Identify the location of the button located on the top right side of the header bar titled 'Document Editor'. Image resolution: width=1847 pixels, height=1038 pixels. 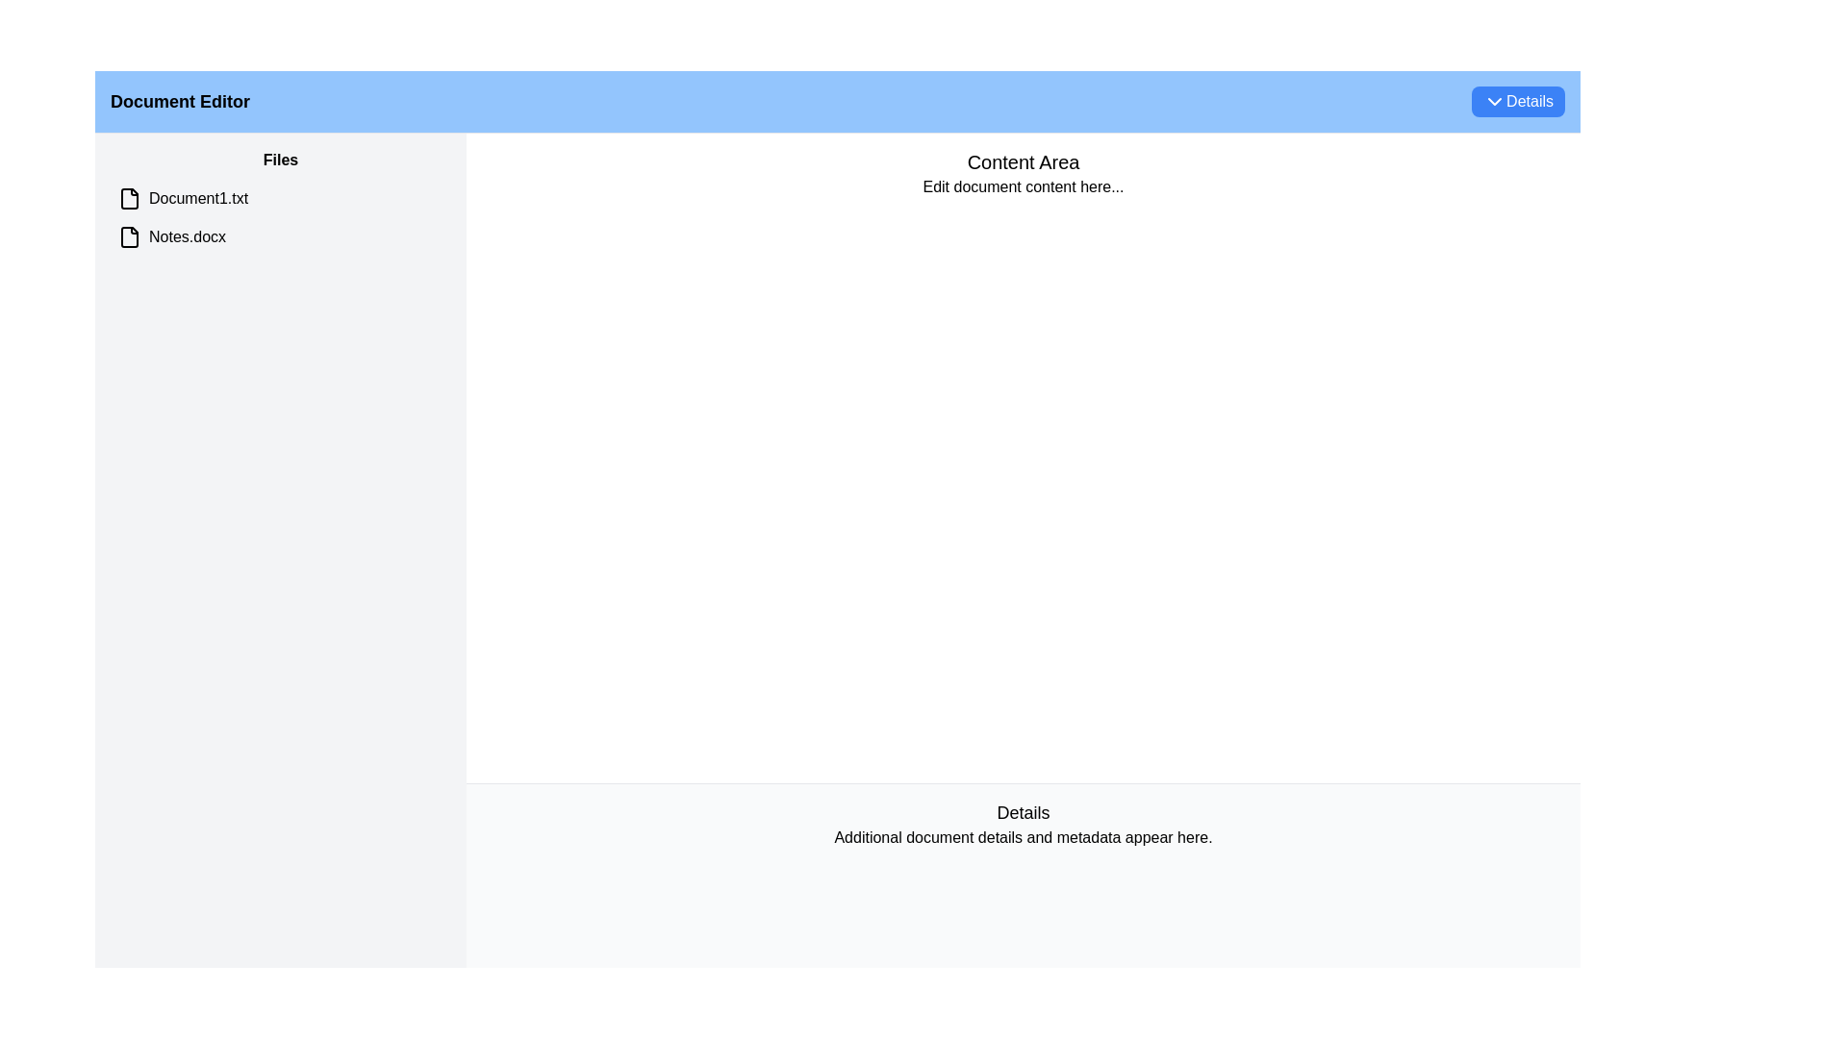
(1517, 101).